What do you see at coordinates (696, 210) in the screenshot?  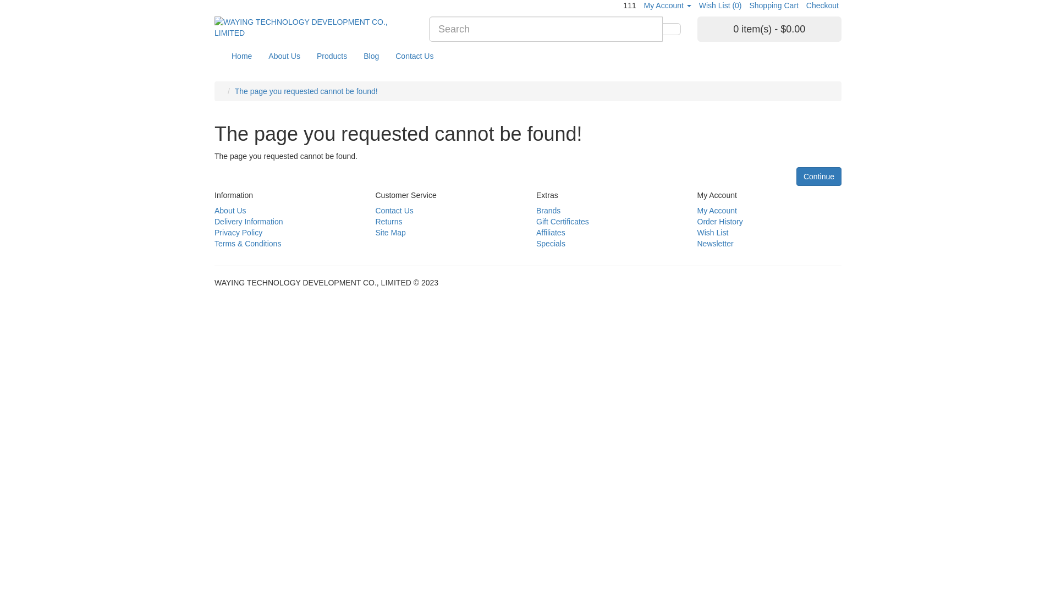 I see `'My Account'` at bounding box center [696, 210].